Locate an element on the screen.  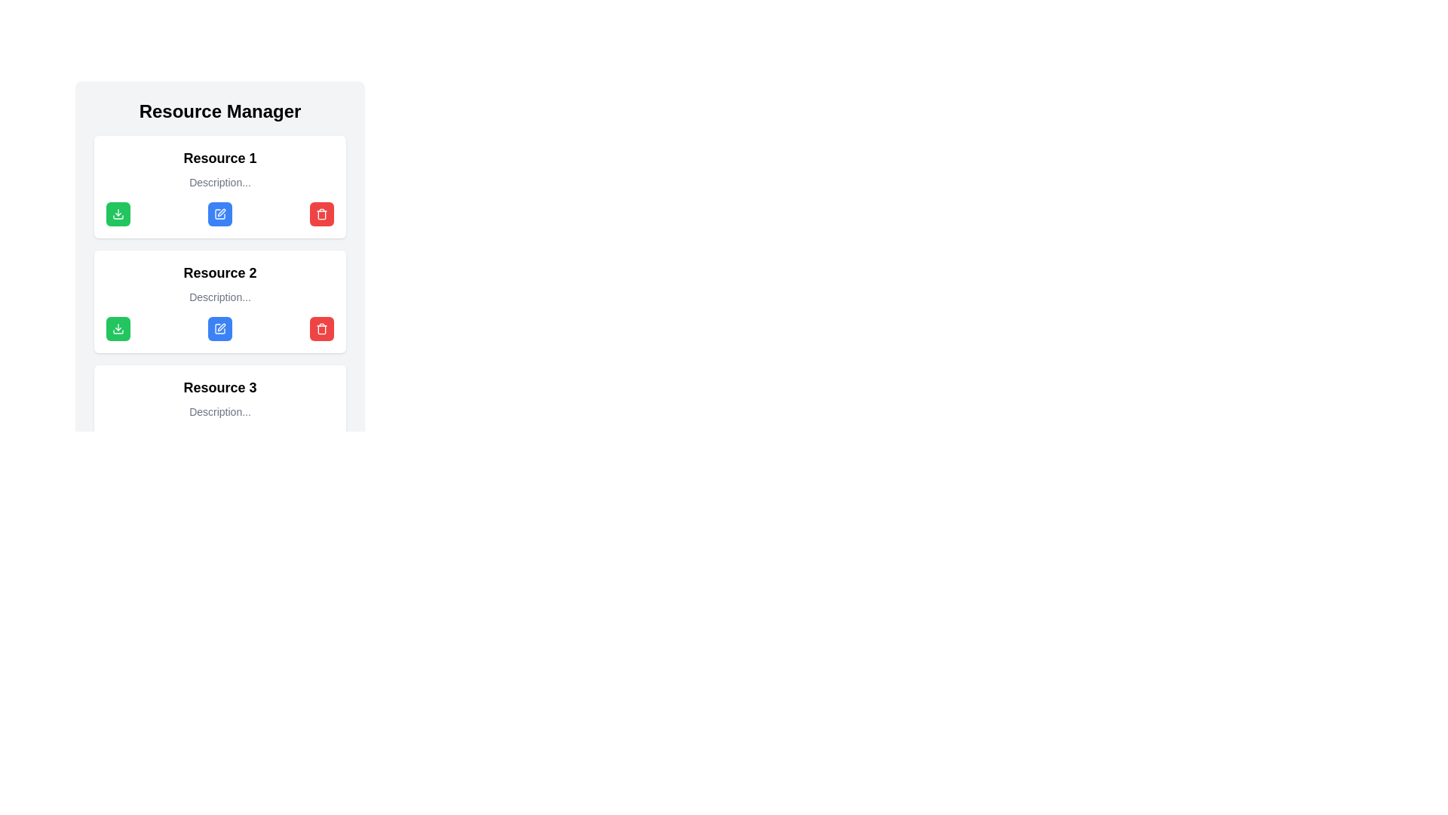
the static text label displaying 'Description...' located below the title 'Resource 1' in the first resource card is located at coordinates (219, 182).